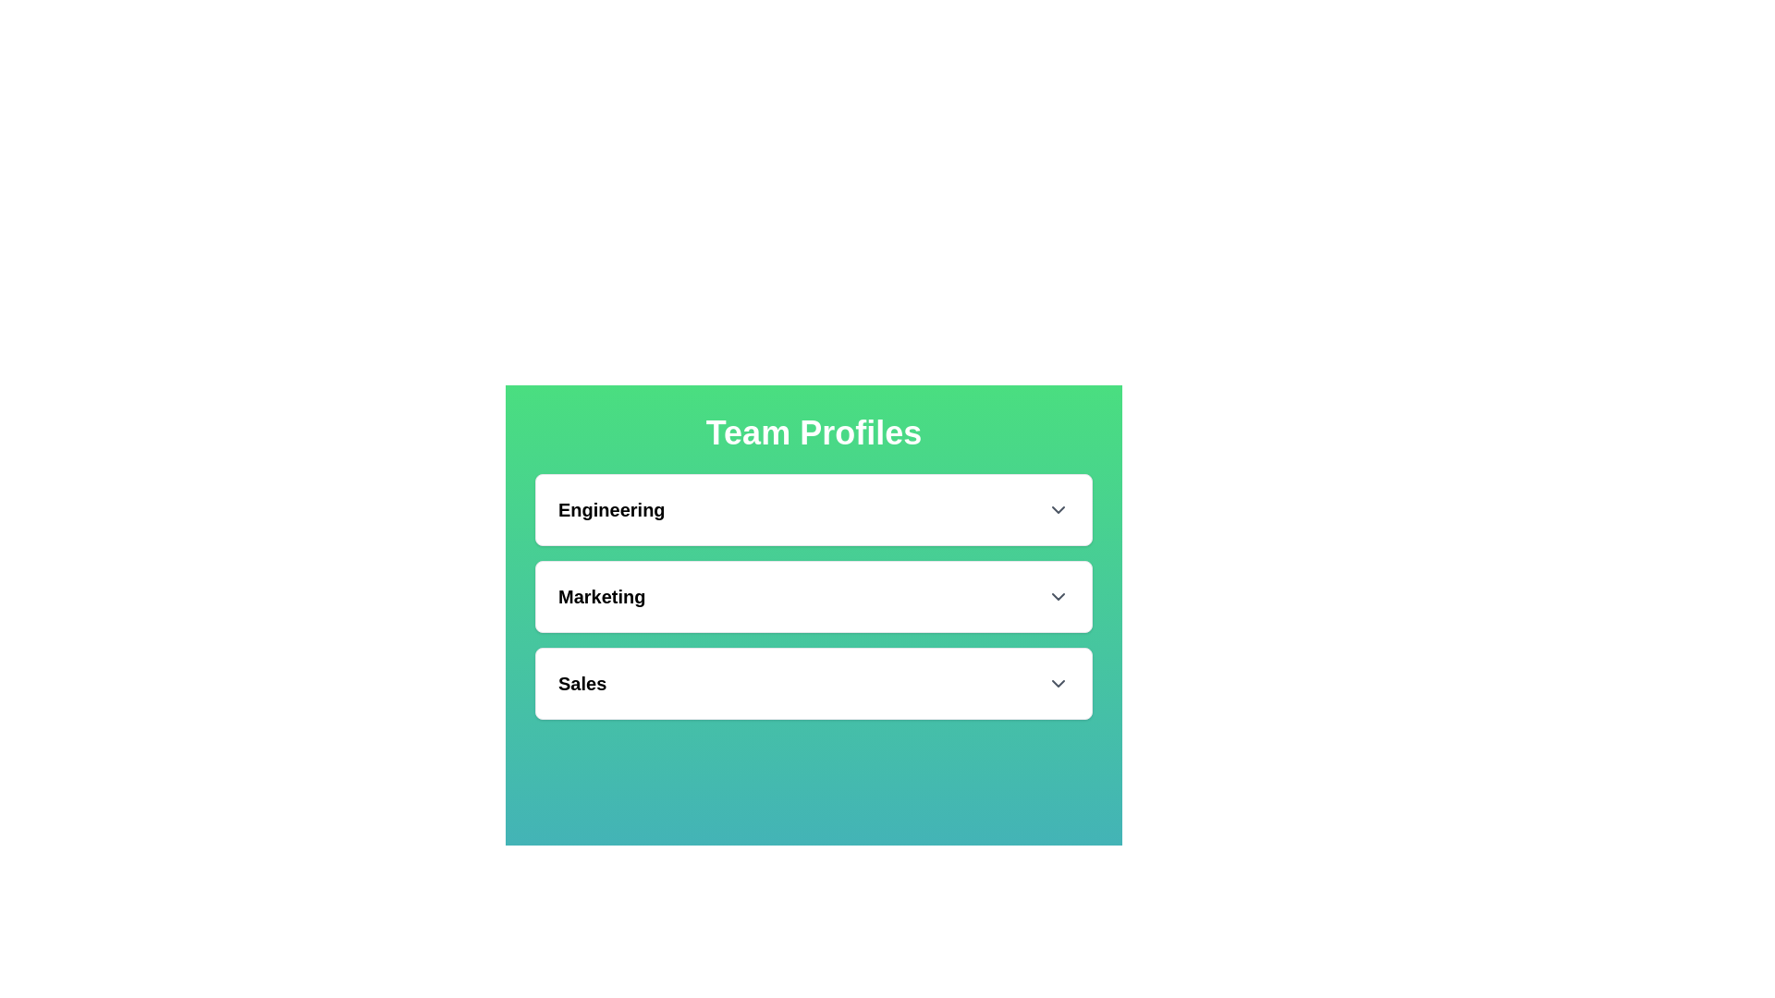 Image resolution: width=1775 pixels, height=998 pixels. I want to click on the 'Marketing' dropdown menu item, so click(814, 596).